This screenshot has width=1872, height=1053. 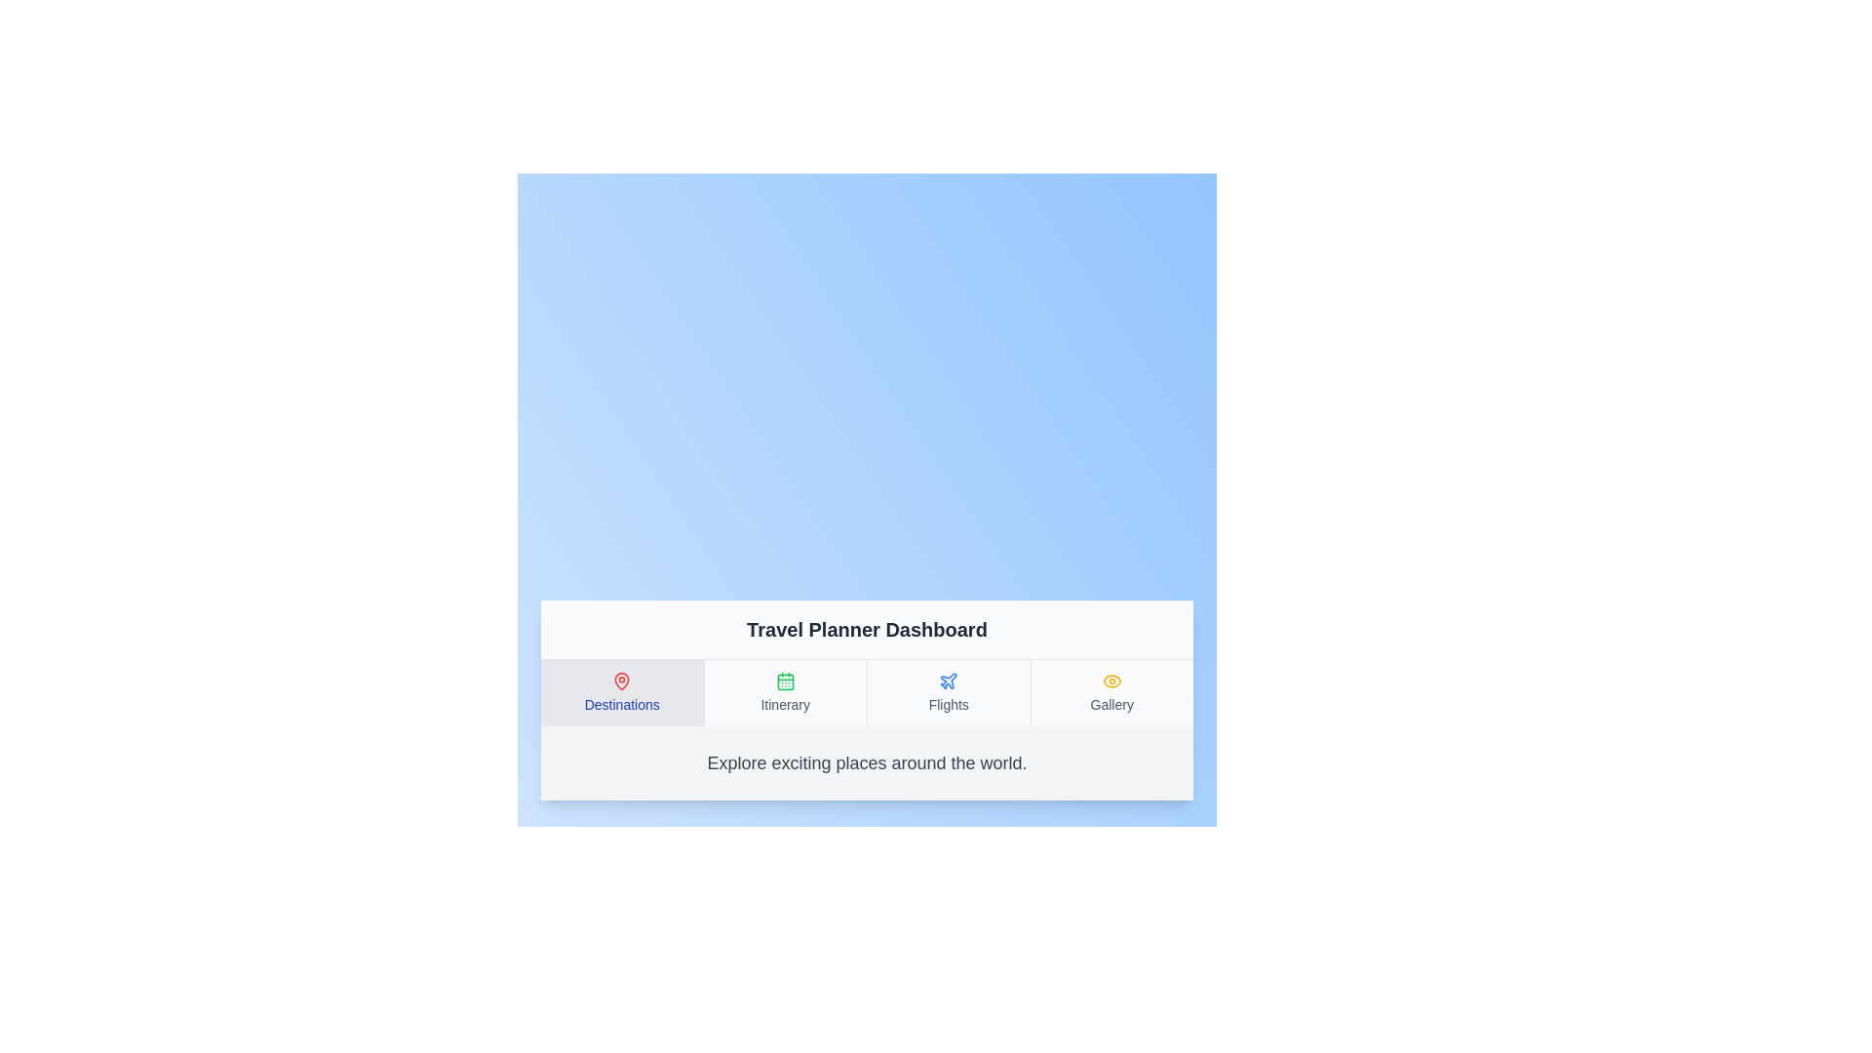 What do you see at coordinates (785, 704) in the screenshot?
I see `the 'Itinerary' text label located centrally in the menu bar, which serves as a title for the itinerary section and is positioned between the 'Destinations' and 'Flights' tabs` at bounding box center [785, 704].